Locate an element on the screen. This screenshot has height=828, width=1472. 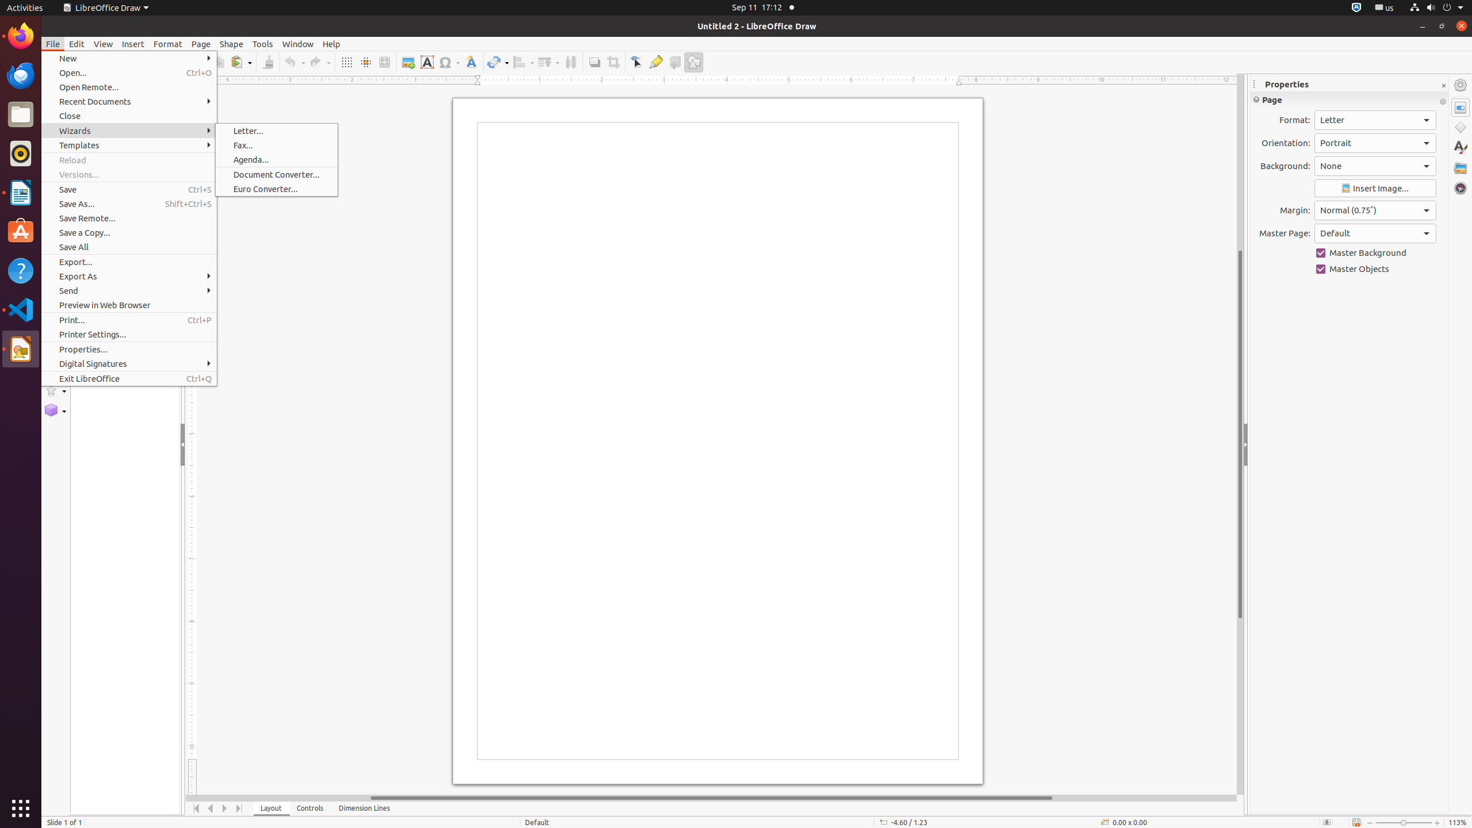
'Open...' is located at coordinates (129, 72).